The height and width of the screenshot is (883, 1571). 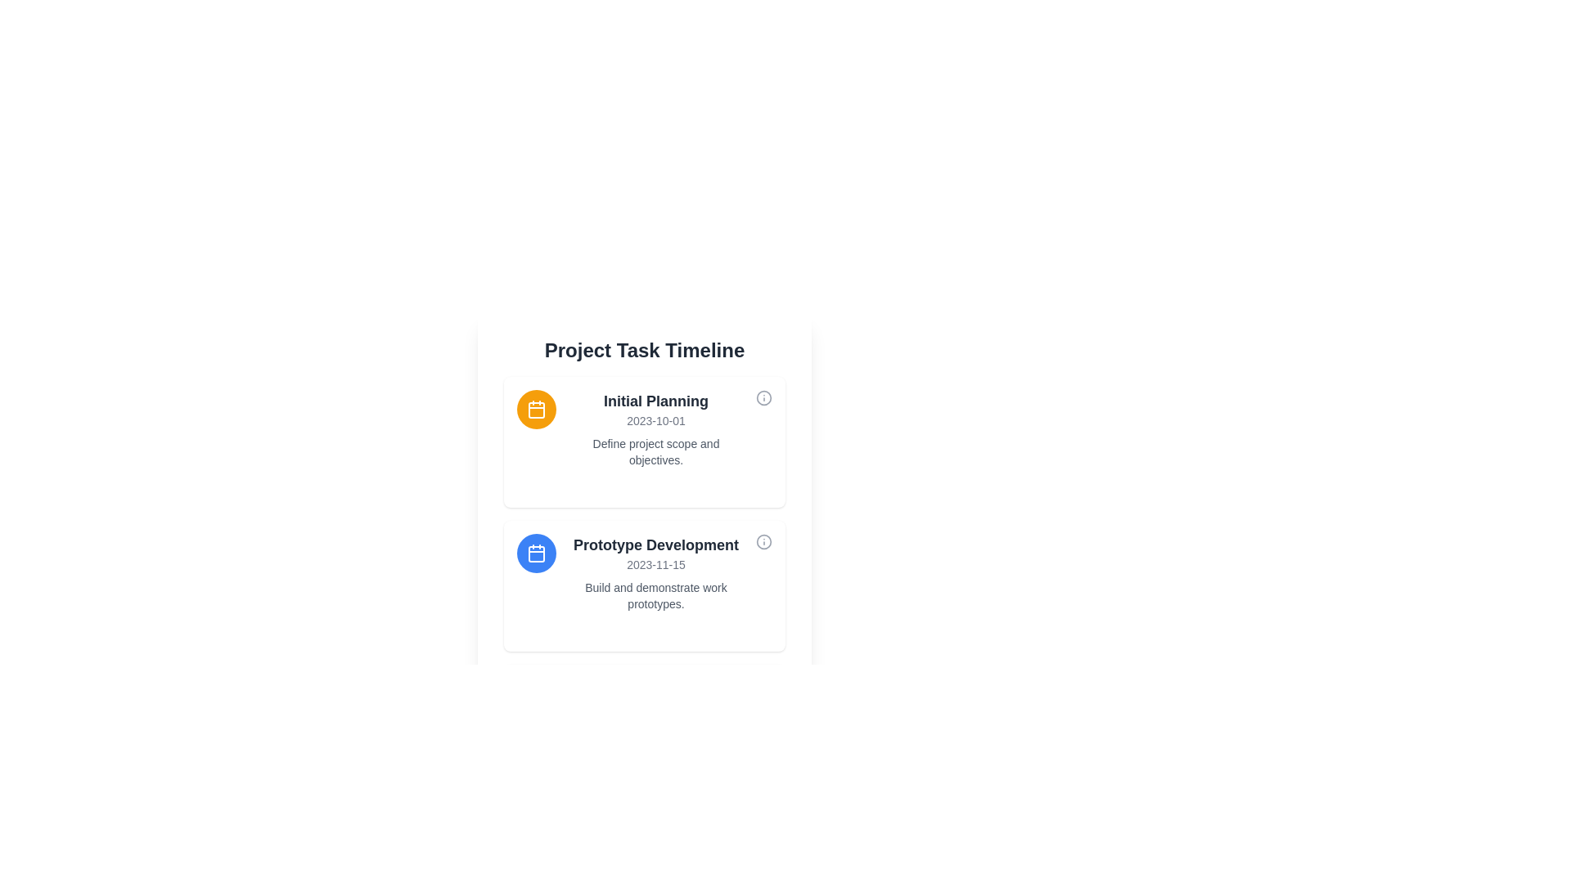 What do you see at coordinates (763, 545) in the screenshot?
I see `the button located in the top-right corner of the 'Prototype Development' task card, which provides additional context or actions related to the task` at bounding box center [763, 545].